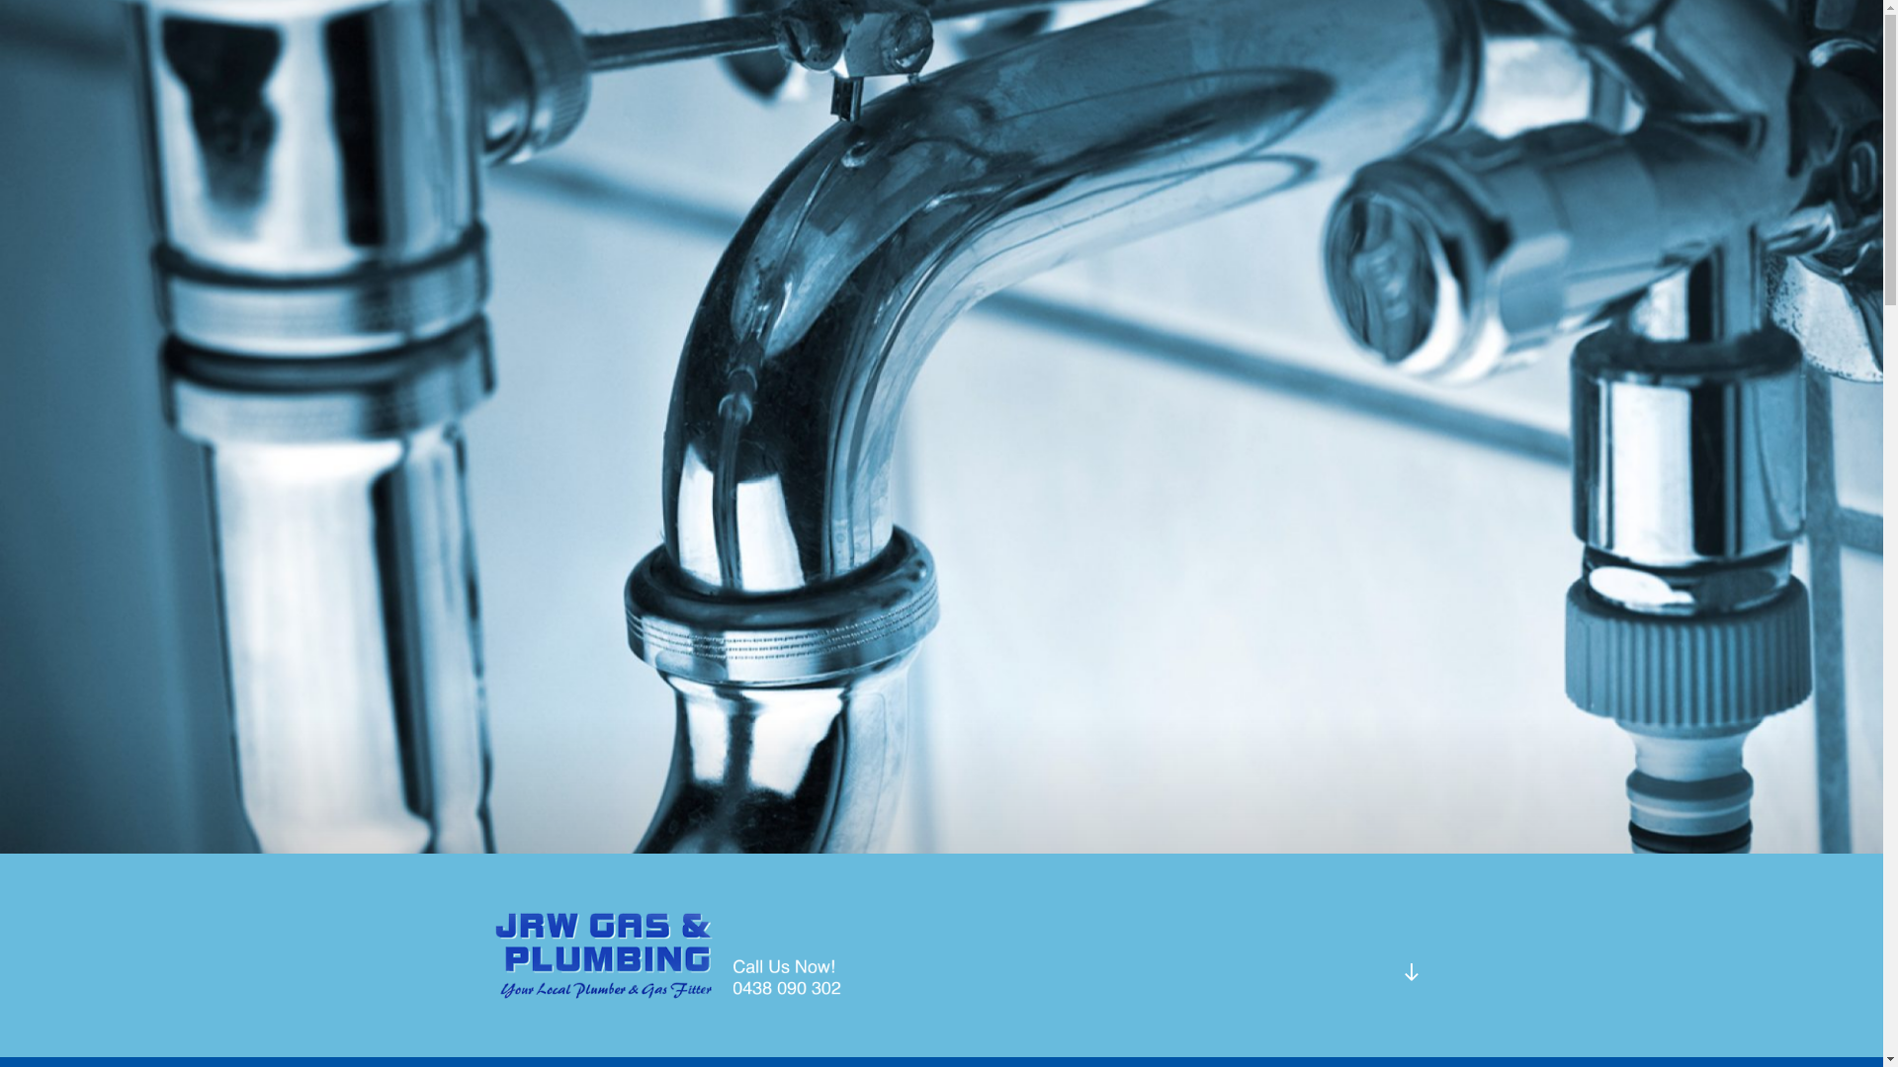  What do you see at coordinates (1409, 970) in the screenshot?
I see `'Scroll down to content'` at bounding box center [1409, 970].